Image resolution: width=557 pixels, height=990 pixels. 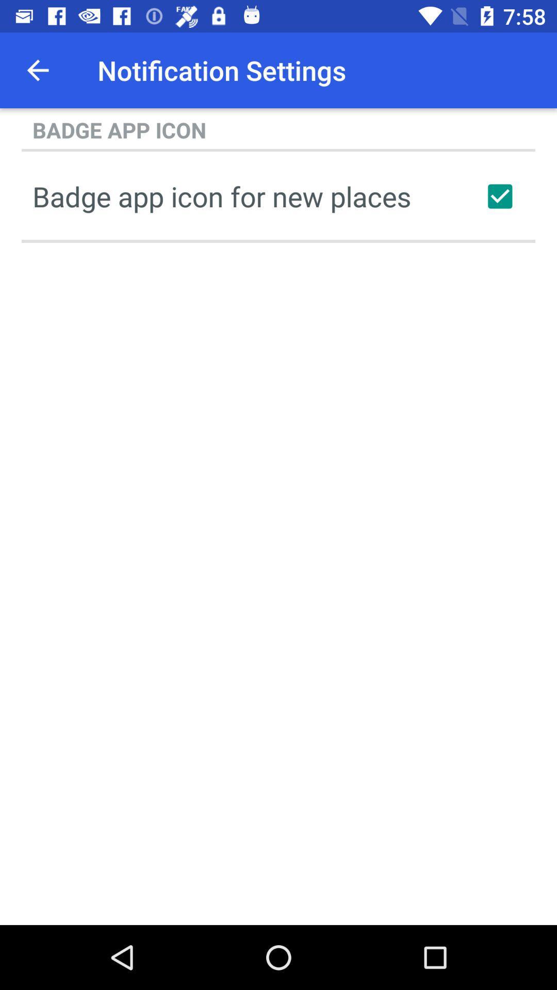 I want to click on the icon next to notification settings icon, so click(x=37, y=70).